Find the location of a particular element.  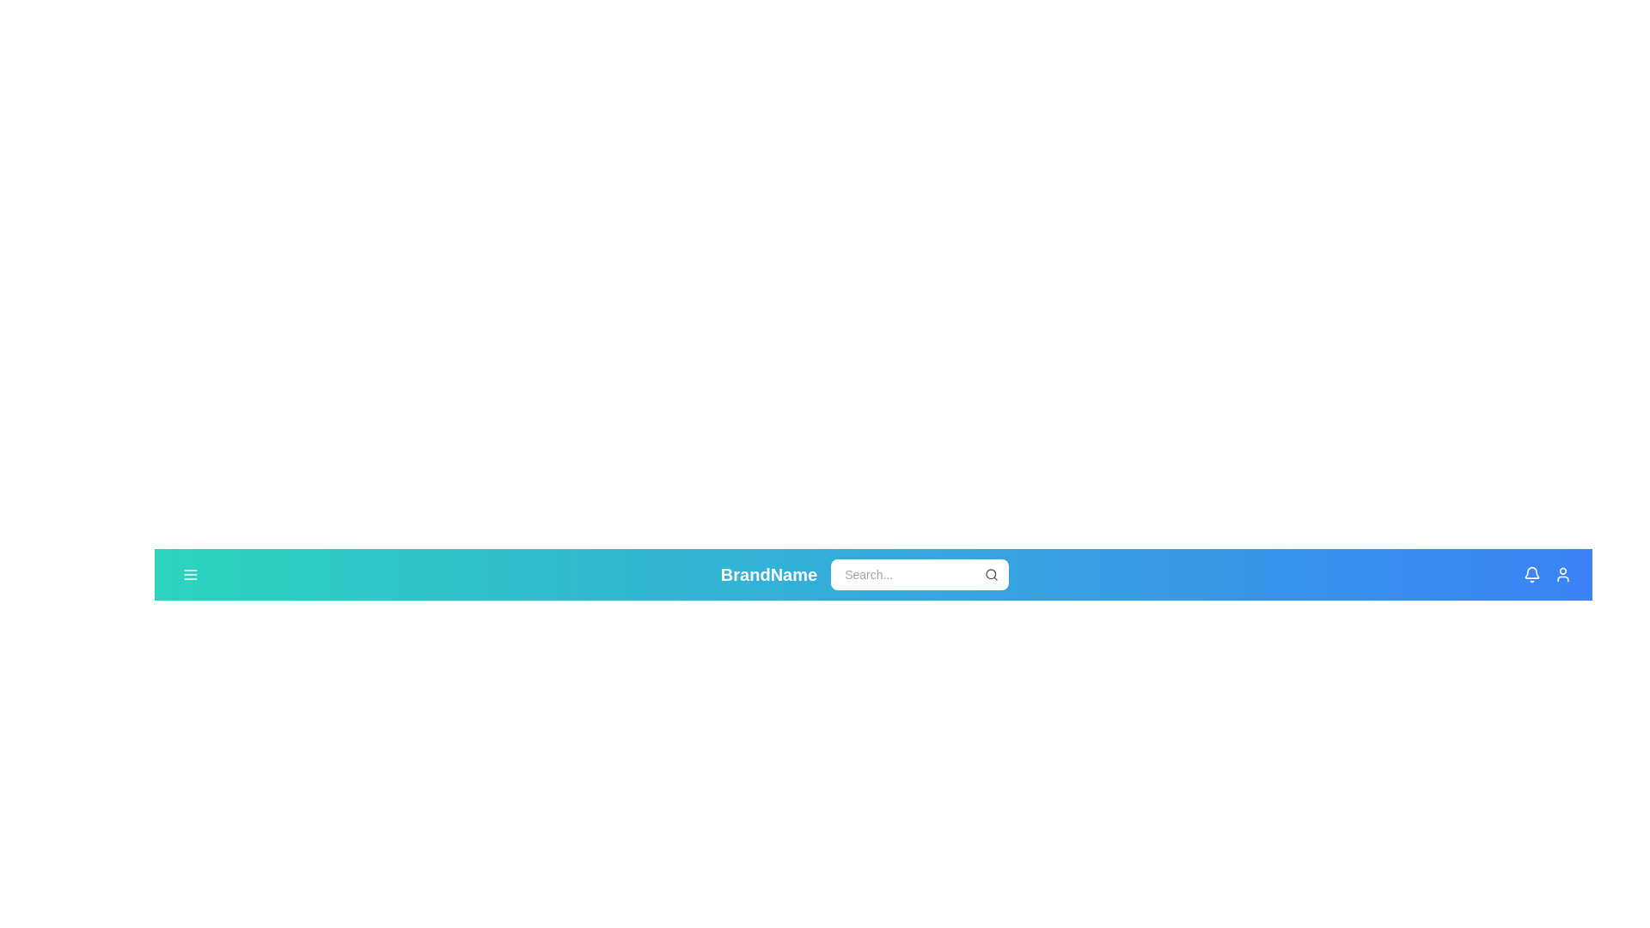

the menu button to open the menu is located at coordinates (190, 574).